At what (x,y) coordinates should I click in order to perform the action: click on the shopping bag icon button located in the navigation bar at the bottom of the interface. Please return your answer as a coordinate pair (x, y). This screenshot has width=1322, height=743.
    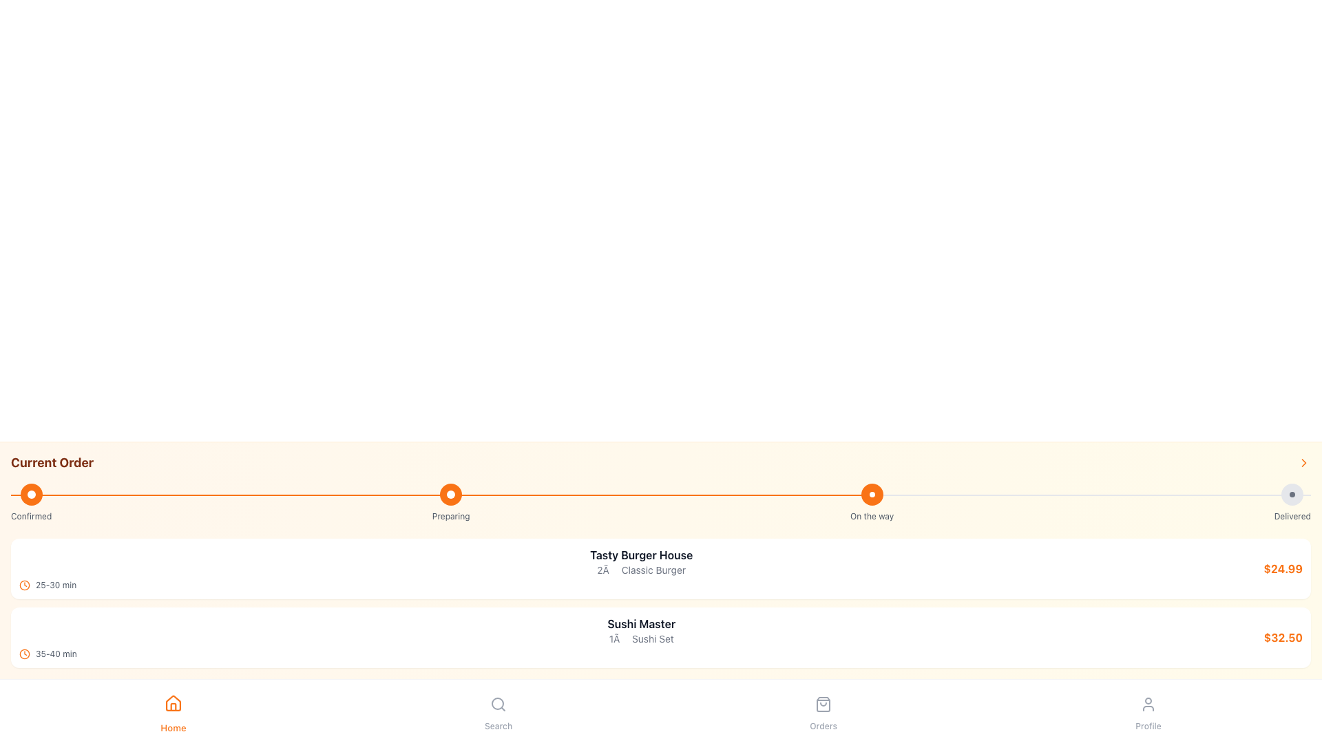
    Looking at the image, I should click on (823, 704).